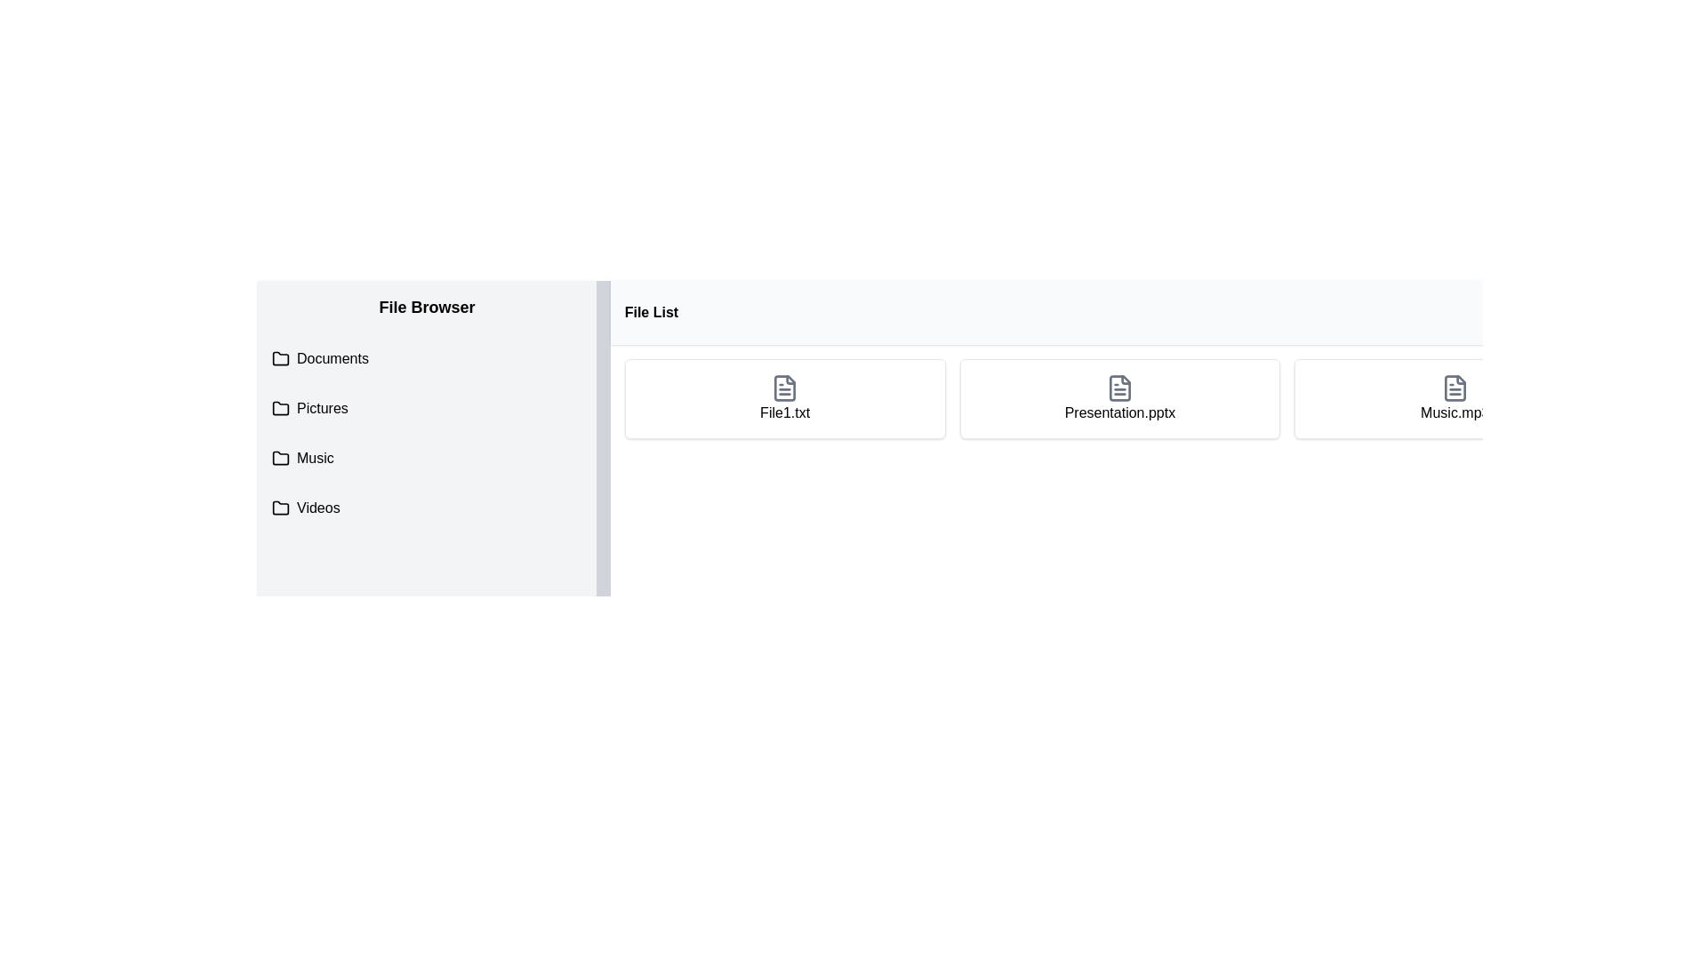 This screenshot has height=960, width=1707. Describe the element at coordinates (322, 408) in the screenshot. I see `the text label displaying 'Pictures' located in the navigation panel` at that location.